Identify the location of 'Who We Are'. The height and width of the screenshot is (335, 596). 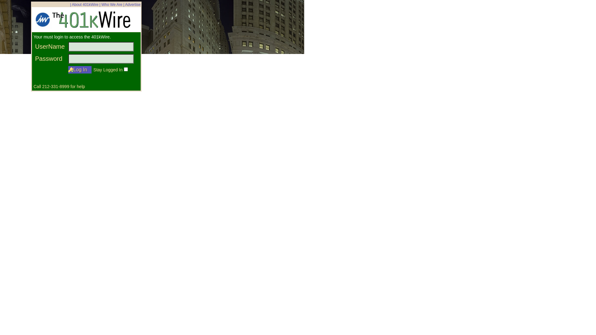
(101, 5).